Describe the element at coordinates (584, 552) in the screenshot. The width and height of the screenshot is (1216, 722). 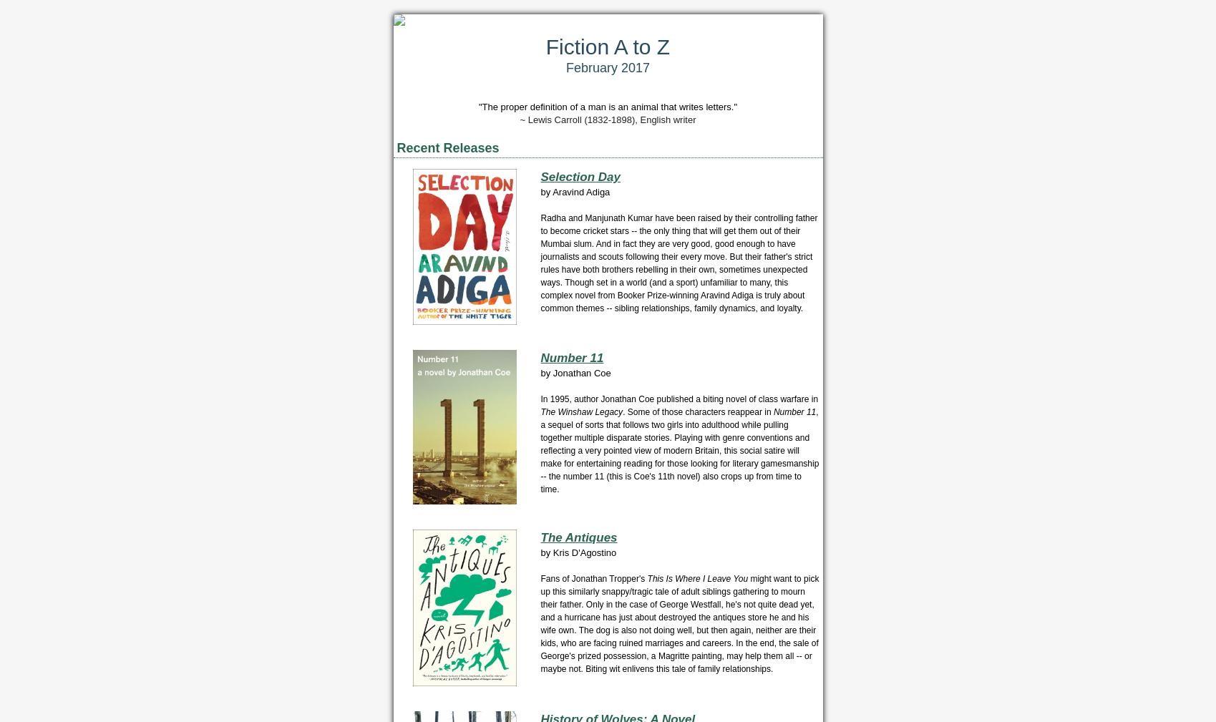
I see `'Kris D'Agostino'` at that location.